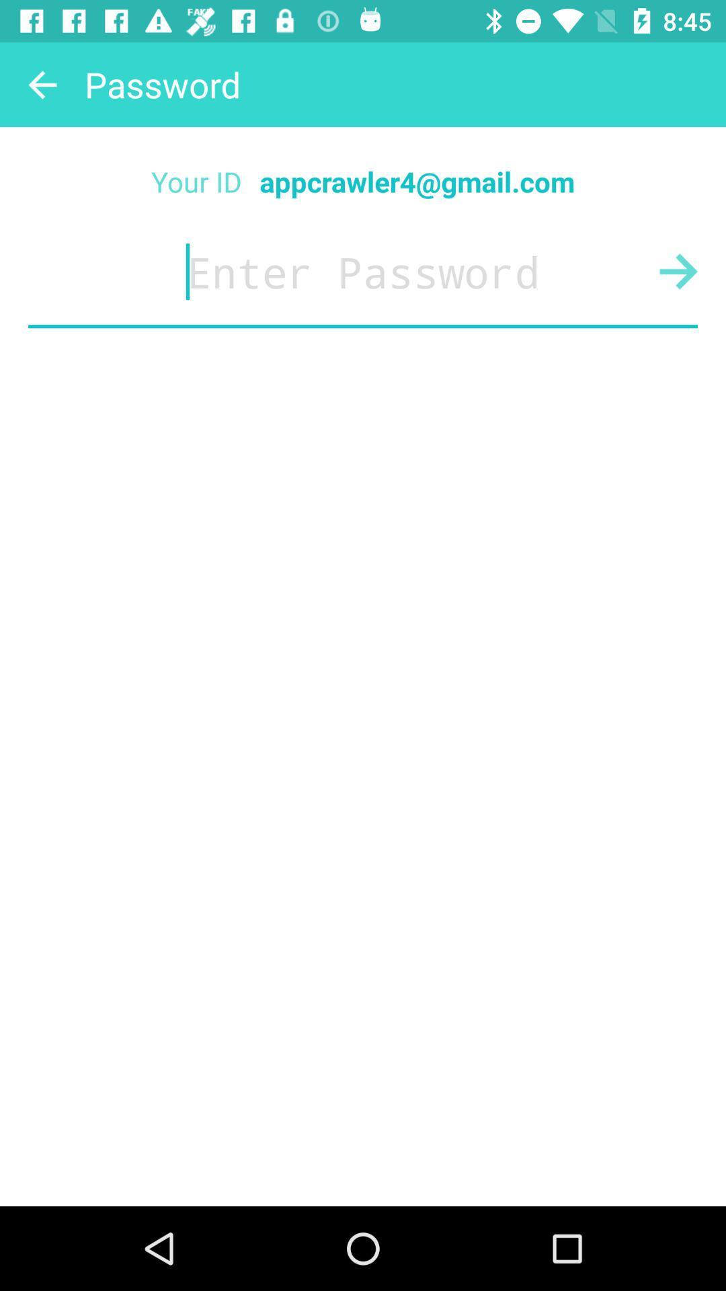 The width and height of the screenshot is (726, 1291). I want to click on item next to the password icon, so click(41, 83).